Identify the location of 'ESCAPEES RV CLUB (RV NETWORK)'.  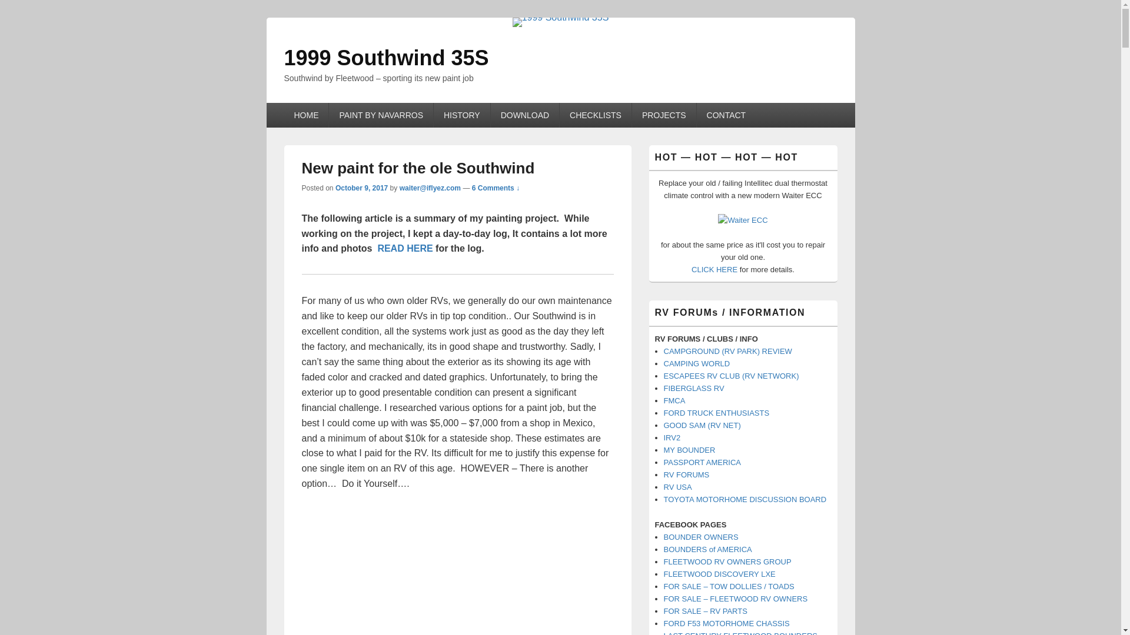
(731, 376).